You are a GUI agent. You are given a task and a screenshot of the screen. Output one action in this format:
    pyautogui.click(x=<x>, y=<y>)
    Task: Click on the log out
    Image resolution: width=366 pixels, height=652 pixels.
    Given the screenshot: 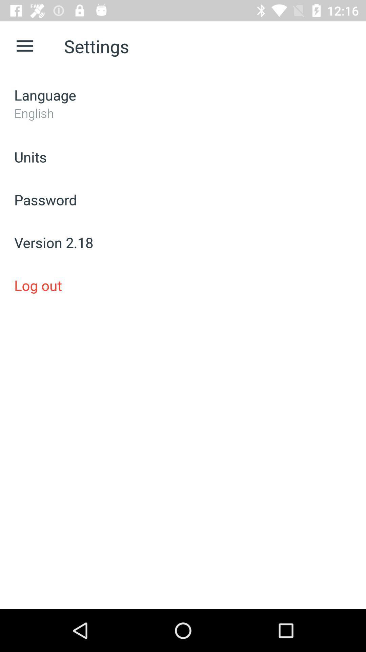 What is the action you would take?
    pyautogui.click(x=183, y=285)
    